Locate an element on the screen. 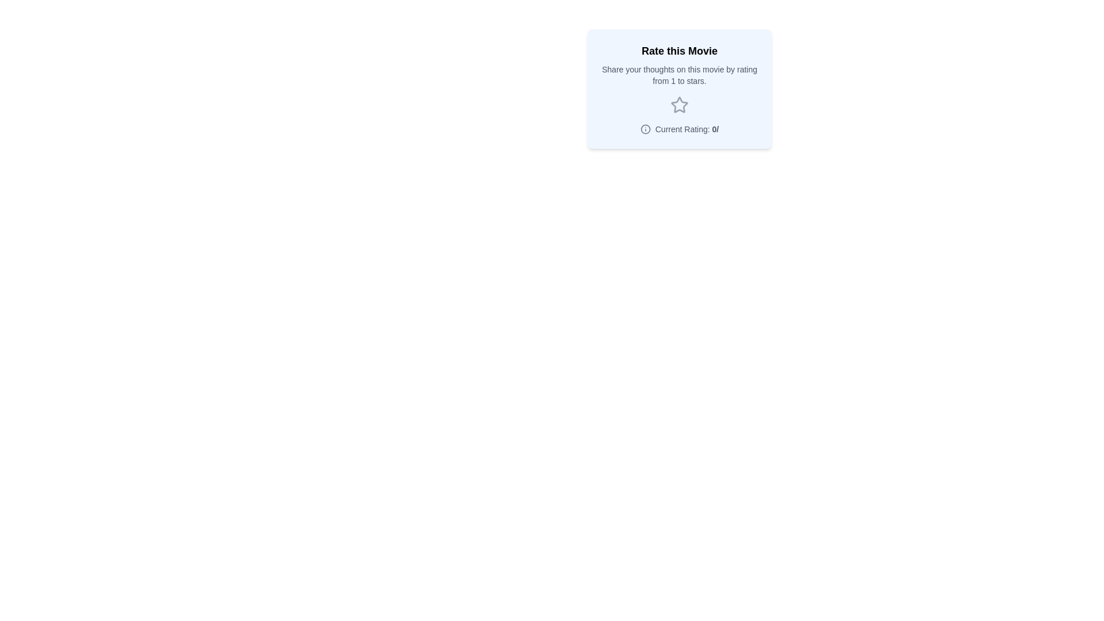 The height and width of the screenshot is (621, 1104). the 'Current Rating: 0/' label with an information icon, located within the 'Rate this Movie' card layout is located at coordinates (679, 129).